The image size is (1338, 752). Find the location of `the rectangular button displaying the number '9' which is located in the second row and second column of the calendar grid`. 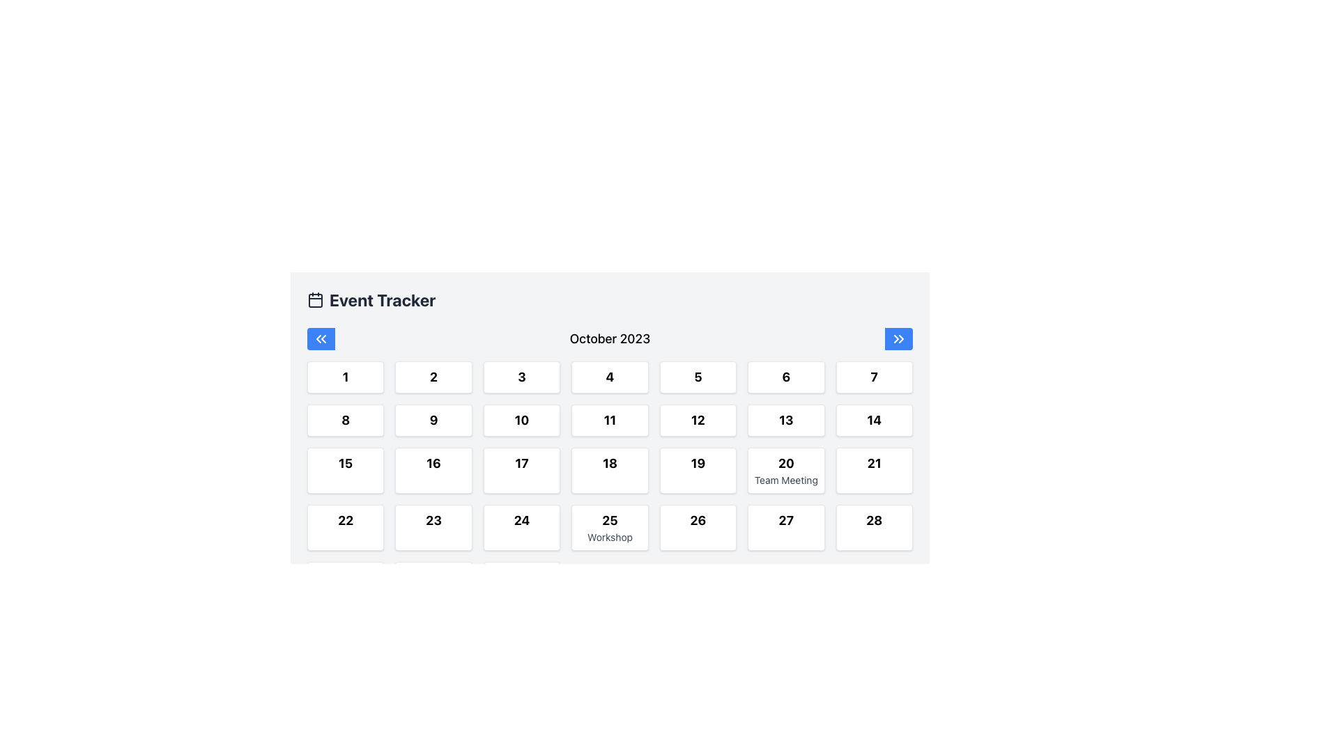

the rectangular button displaying the number '9' which is located in the second row and second column of the calendar grid is located at coordinates (433, 420).